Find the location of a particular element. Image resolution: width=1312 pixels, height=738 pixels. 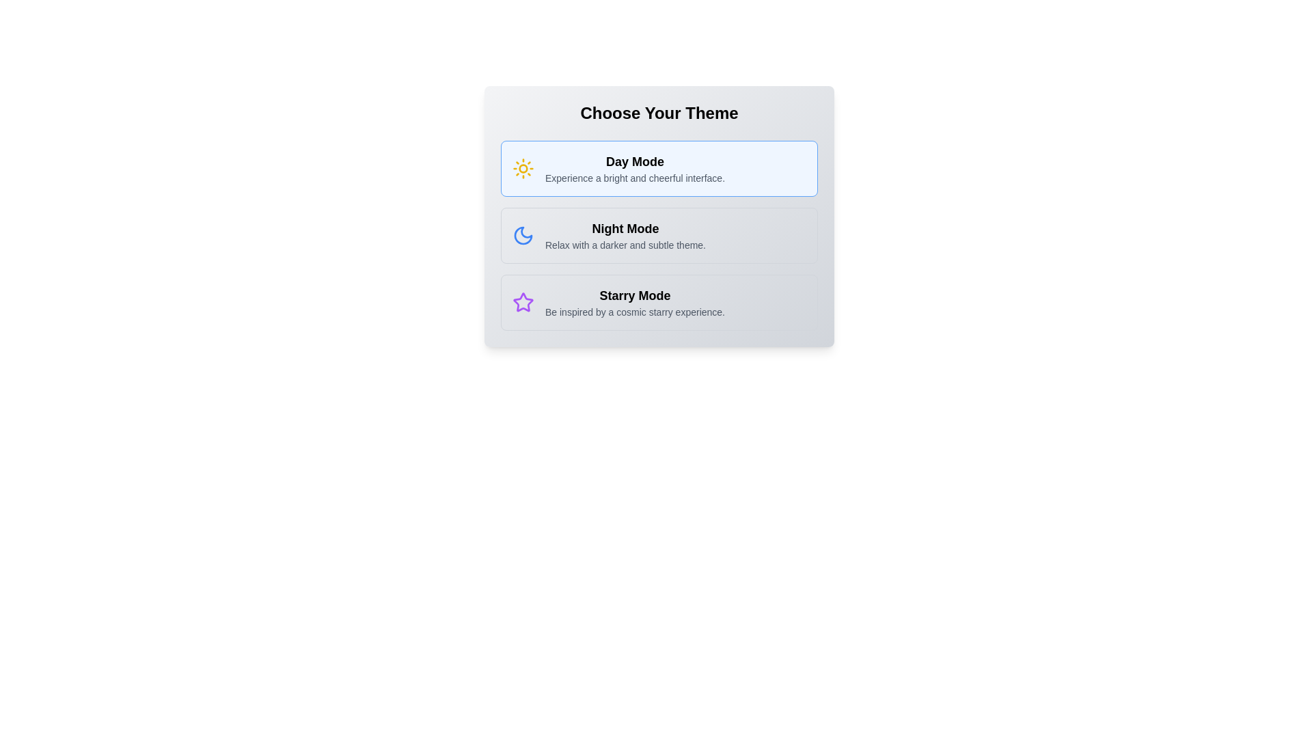

the 'Starry Mode' text block element is located at coordinates (634, 302).